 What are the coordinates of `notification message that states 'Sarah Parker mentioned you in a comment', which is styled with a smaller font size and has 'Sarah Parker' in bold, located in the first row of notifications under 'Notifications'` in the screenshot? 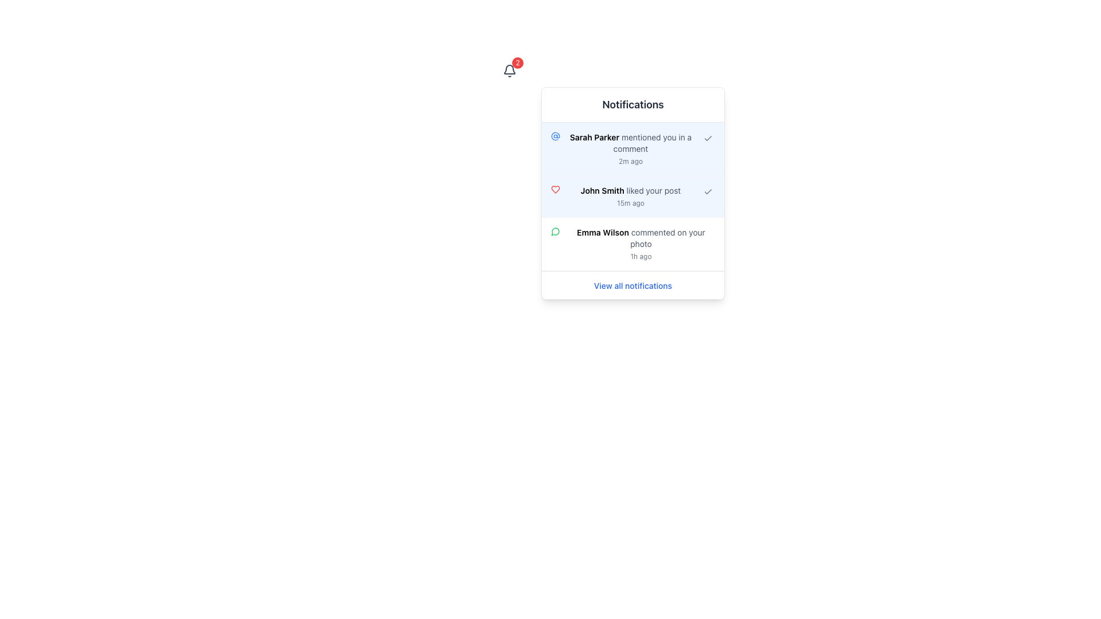 It's located at (630, 143).